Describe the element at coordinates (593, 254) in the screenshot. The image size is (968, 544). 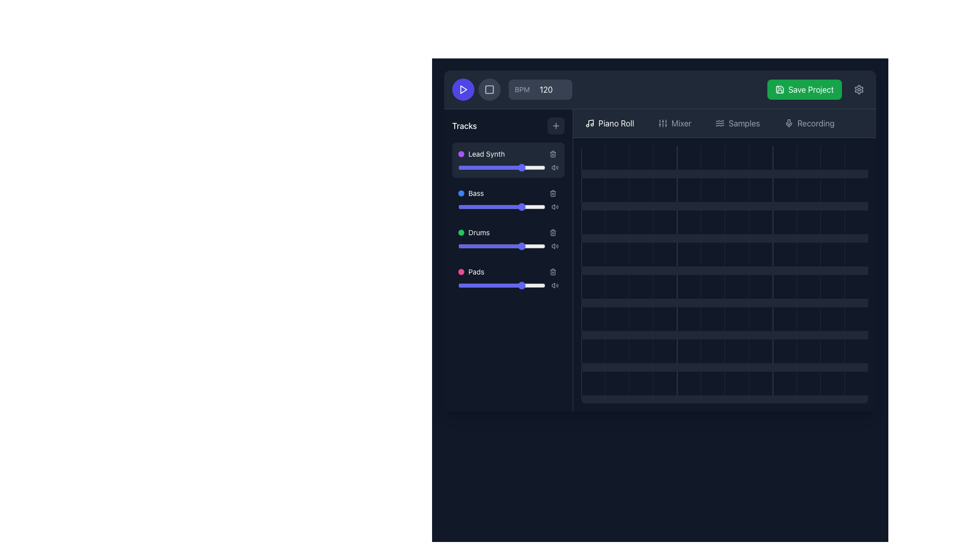
I see `the grid cell located in the fourth row and first column of the grid, which has a dark gray background and a darker left border, to trigger its hover effects` at that location.